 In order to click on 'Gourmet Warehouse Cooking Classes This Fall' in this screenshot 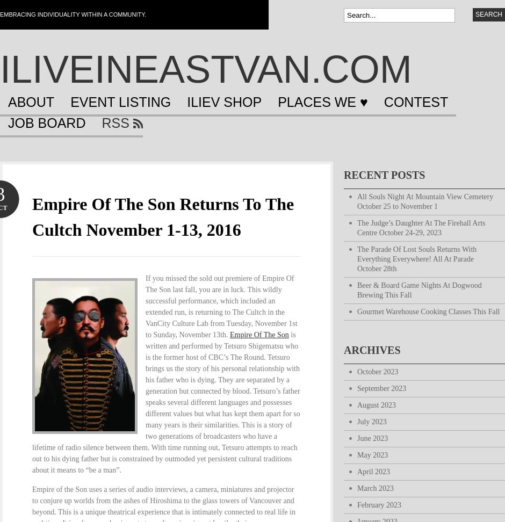, I will do `click(428, 311)`.